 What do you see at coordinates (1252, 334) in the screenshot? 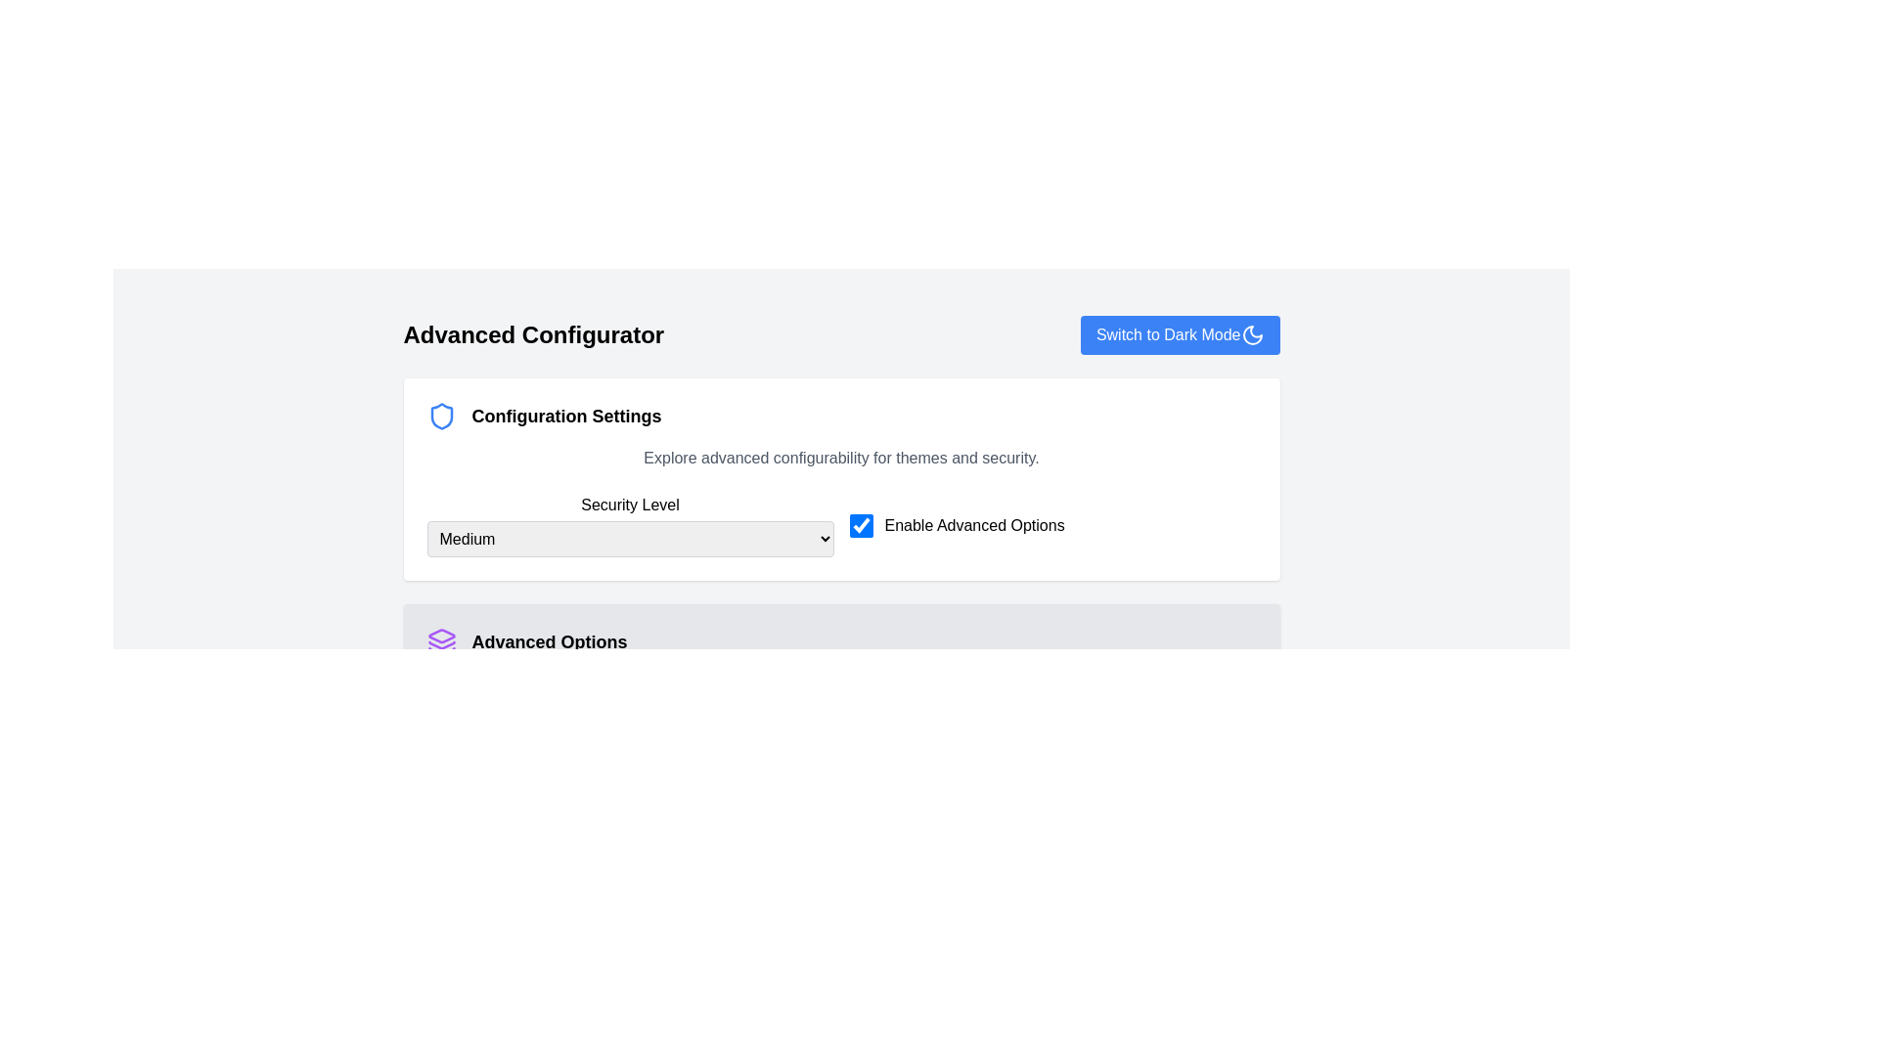
I see `the button labeled 'Switch to Dark Mode' that contains the decorative moon icon located in the top-right section of the interface` at bounding box center [1252, 334].